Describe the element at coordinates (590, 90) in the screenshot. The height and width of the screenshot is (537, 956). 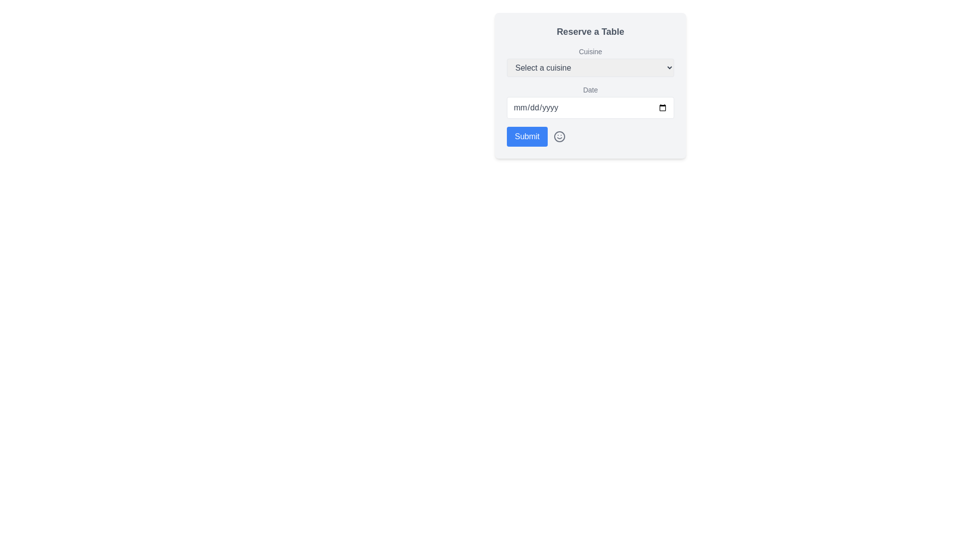
I see `the 'Date' label, which is a small gray text label positioned above the date input field in the form section` at that location.